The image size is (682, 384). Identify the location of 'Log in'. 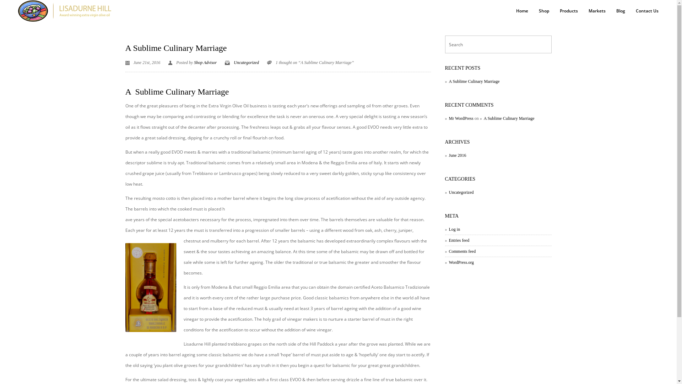
(452, 229).